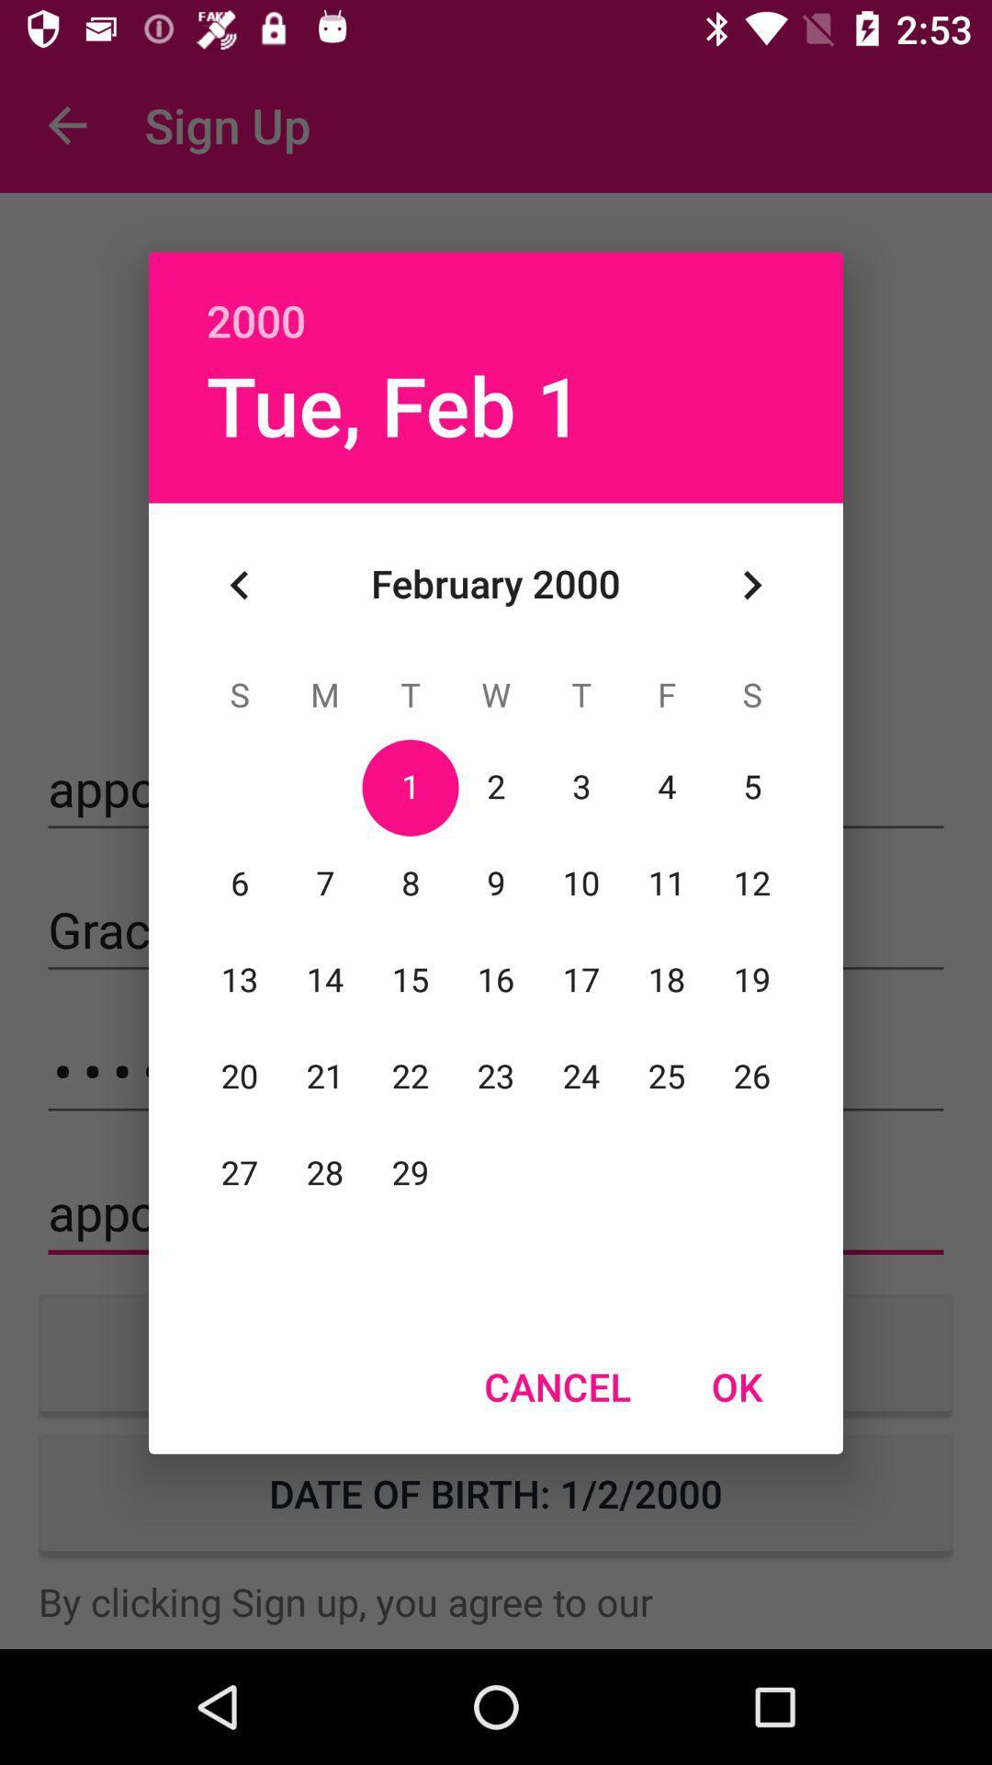  What do you see at coordinates (736, 1386) in the screenshot?
I see `the icon at the bottom right corner` at bounding box center [736, 1386].